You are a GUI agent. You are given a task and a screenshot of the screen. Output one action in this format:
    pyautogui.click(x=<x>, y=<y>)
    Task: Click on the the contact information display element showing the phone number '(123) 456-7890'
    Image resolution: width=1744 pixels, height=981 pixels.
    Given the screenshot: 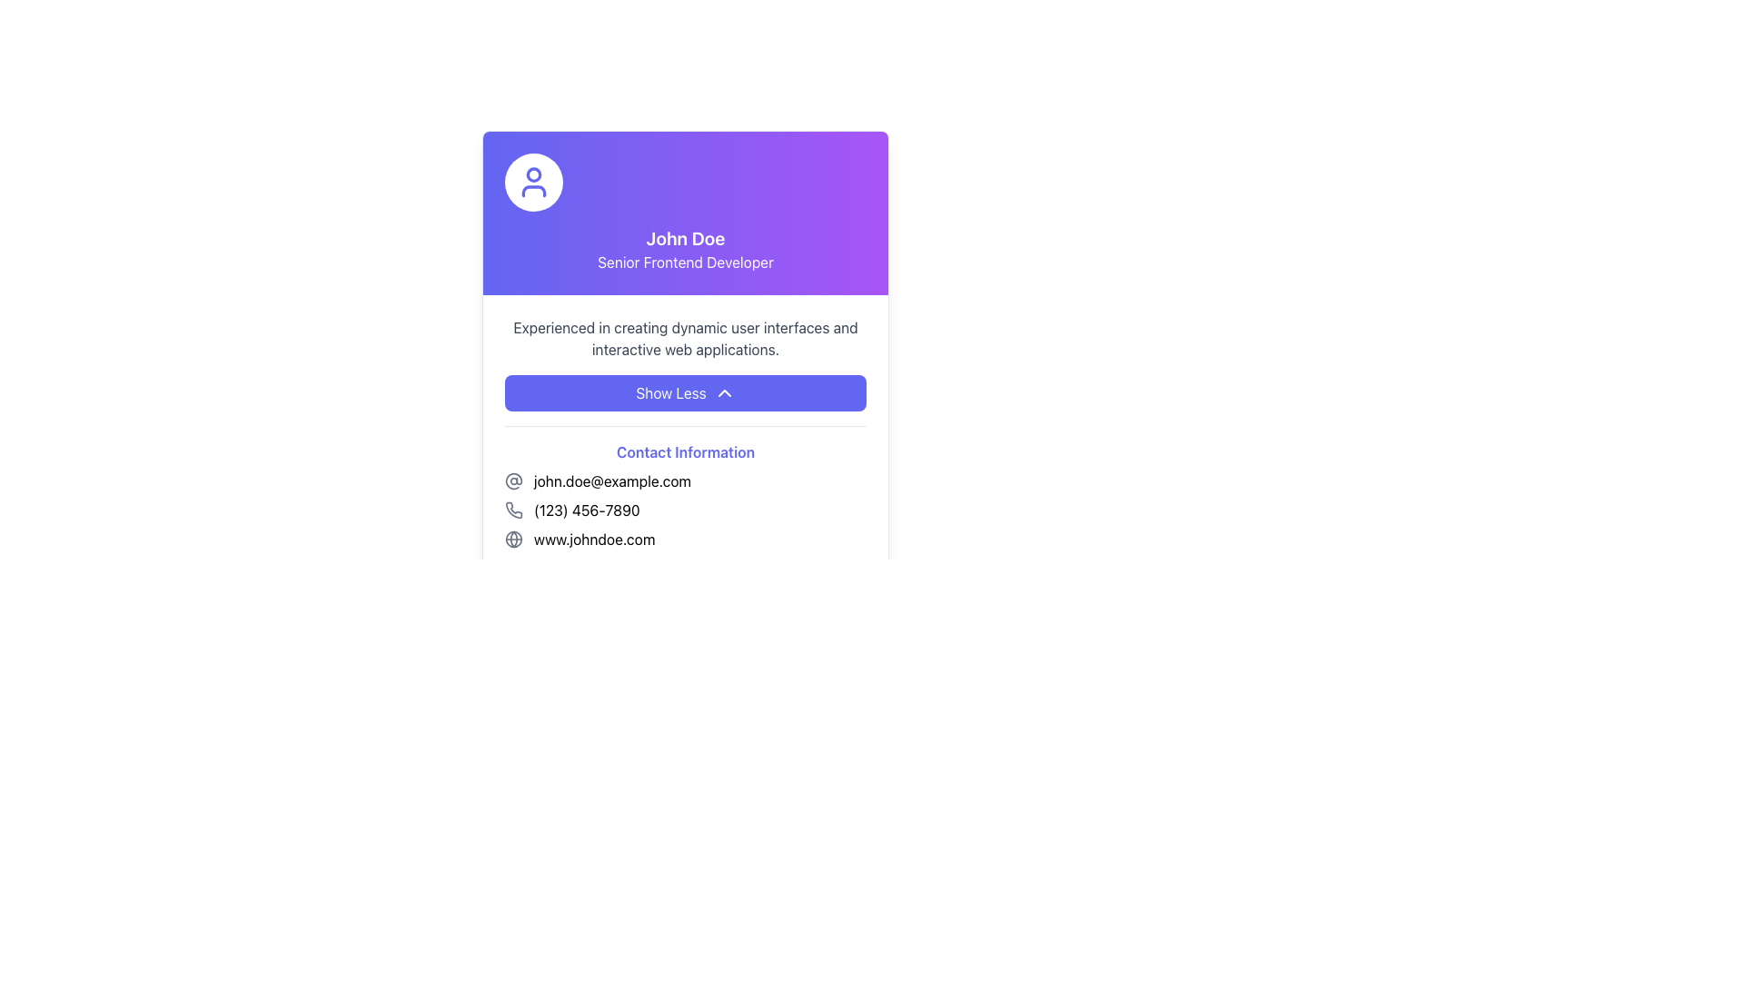 What is the action you would take?
    pyautogui.click(x=684, y=510)
    